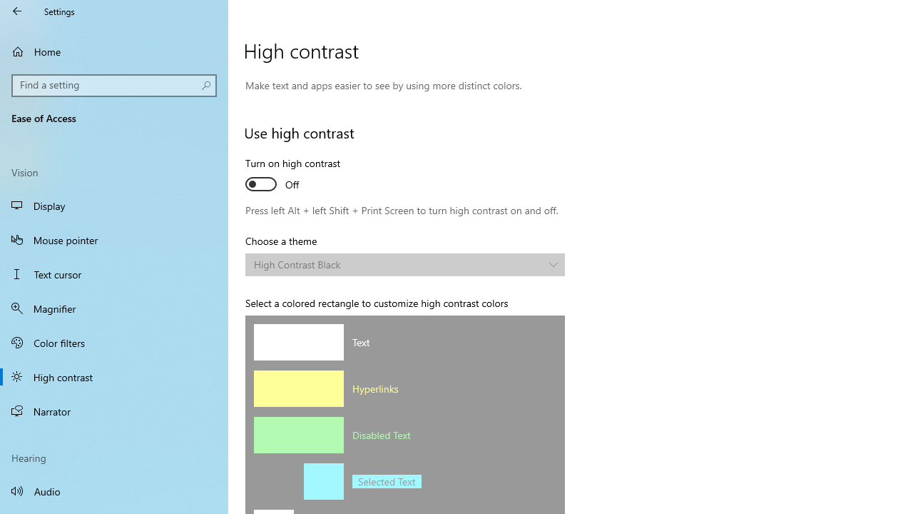  I want to click on 'Text cursor', so click(114, 274).